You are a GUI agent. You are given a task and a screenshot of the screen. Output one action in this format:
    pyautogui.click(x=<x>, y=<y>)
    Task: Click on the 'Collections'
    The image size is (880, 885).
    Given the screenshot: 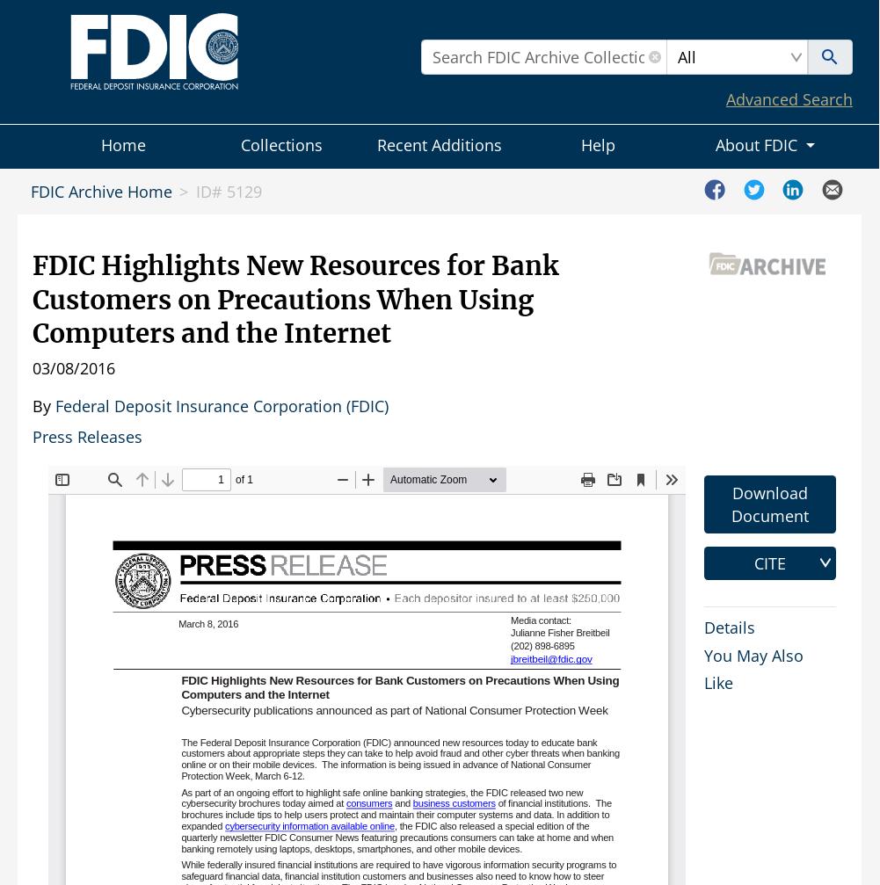 What is the action you would take?
    pyautogui.click(x=238, y=145)
    